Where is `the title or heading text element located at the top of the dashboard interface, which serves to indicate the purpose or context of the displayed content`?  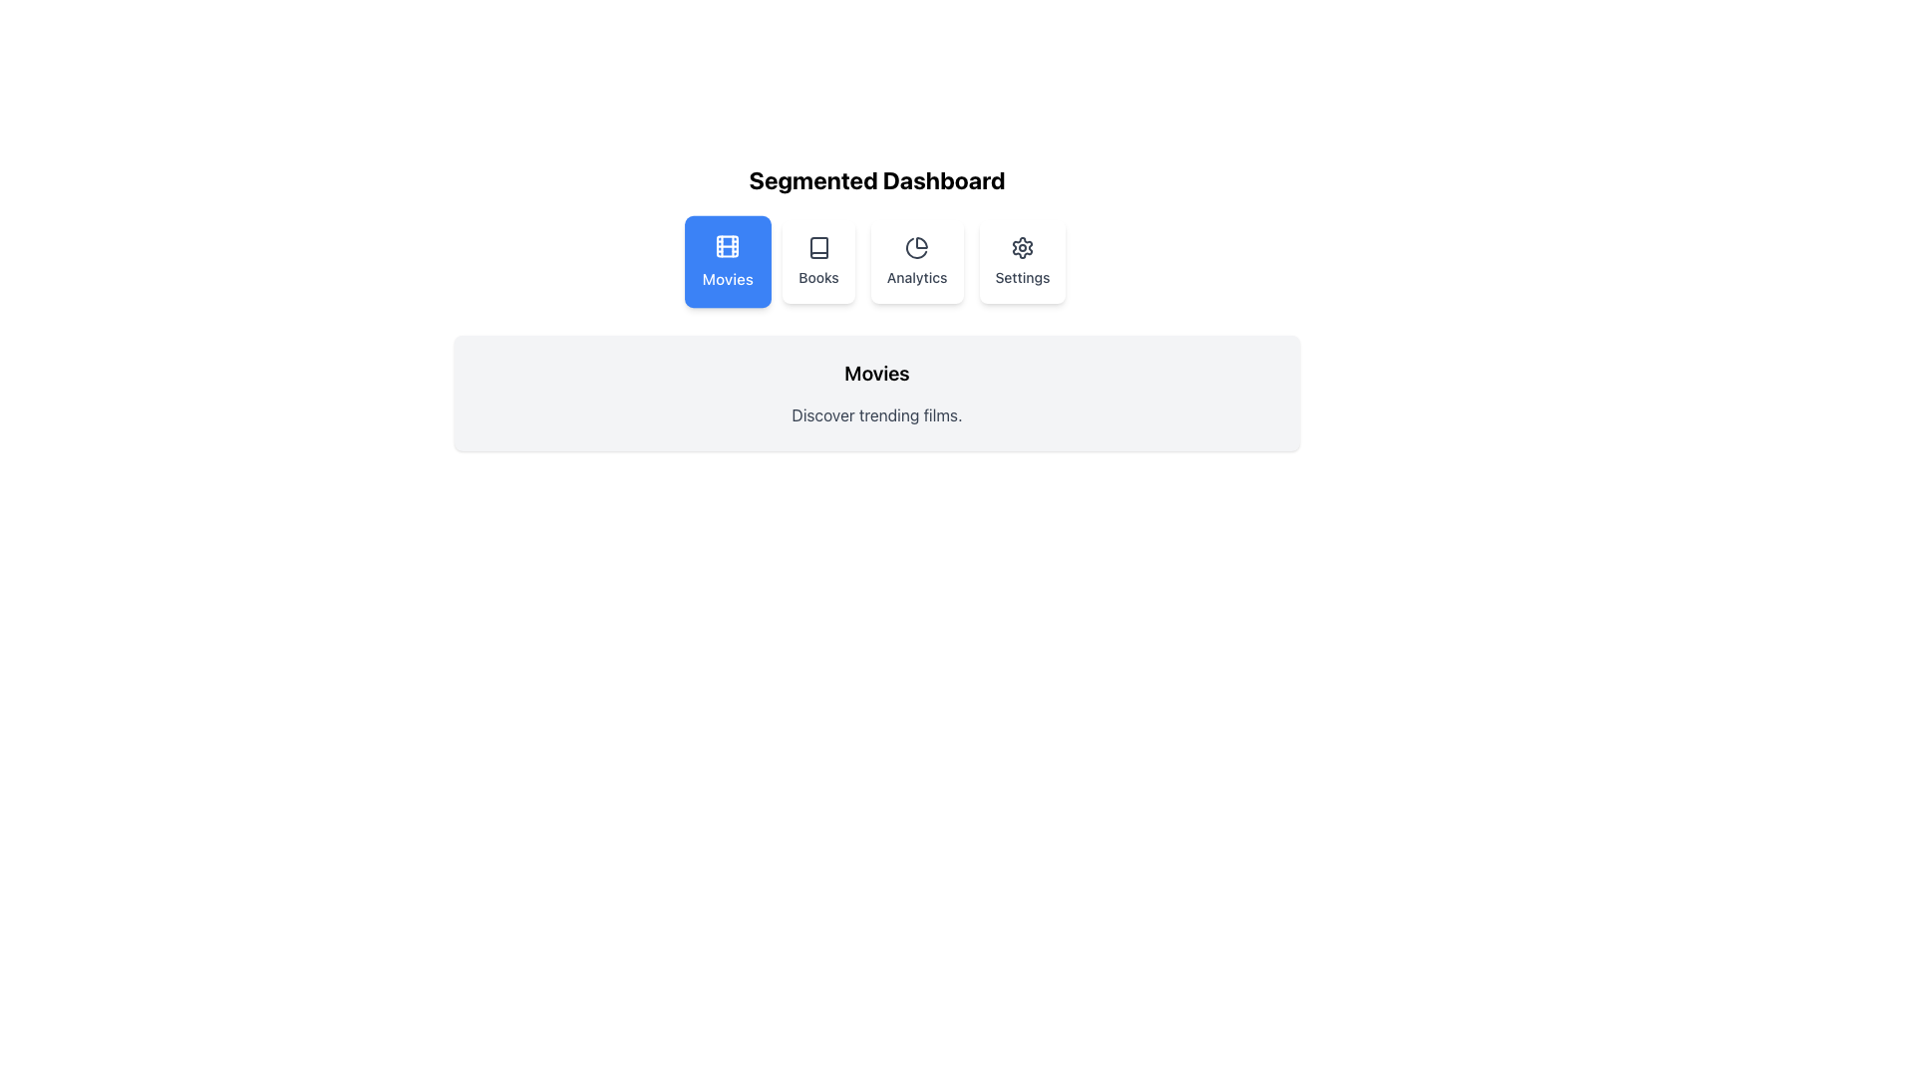 the title or heading text element located at the top of the dashboard interface, which serves to indicate the purpose or context of the displayed content is located at coordinates (876, 180).